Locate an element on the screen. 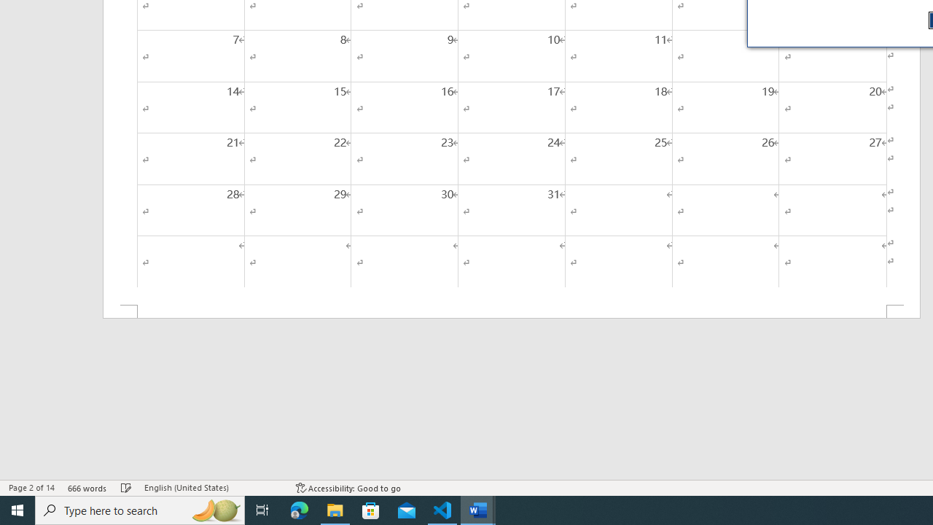  'Footer -Section 1-' is located at coordinates (512, 311).